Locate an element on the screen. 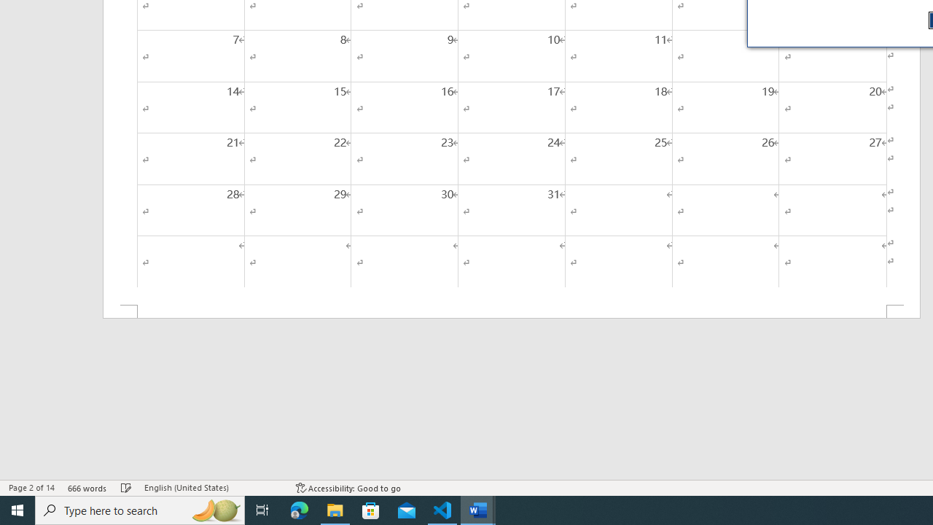  'Footer -Section 1-' is located at coordinates (512, 311).